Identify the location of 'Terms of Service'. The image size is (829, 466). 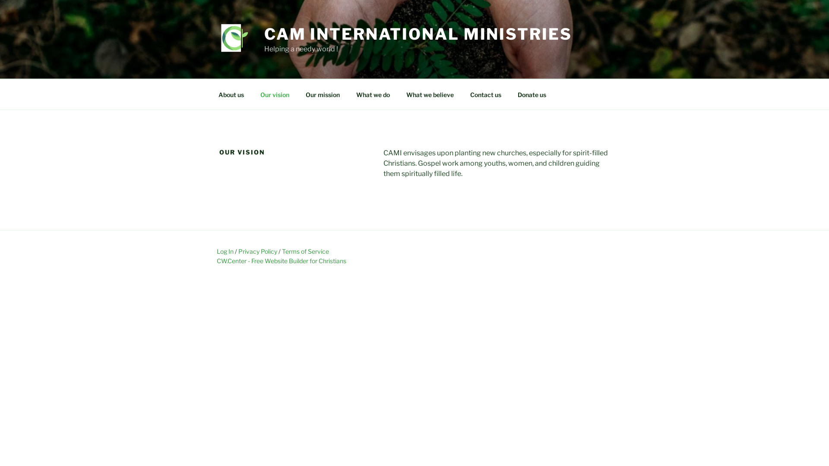
(305, 251).